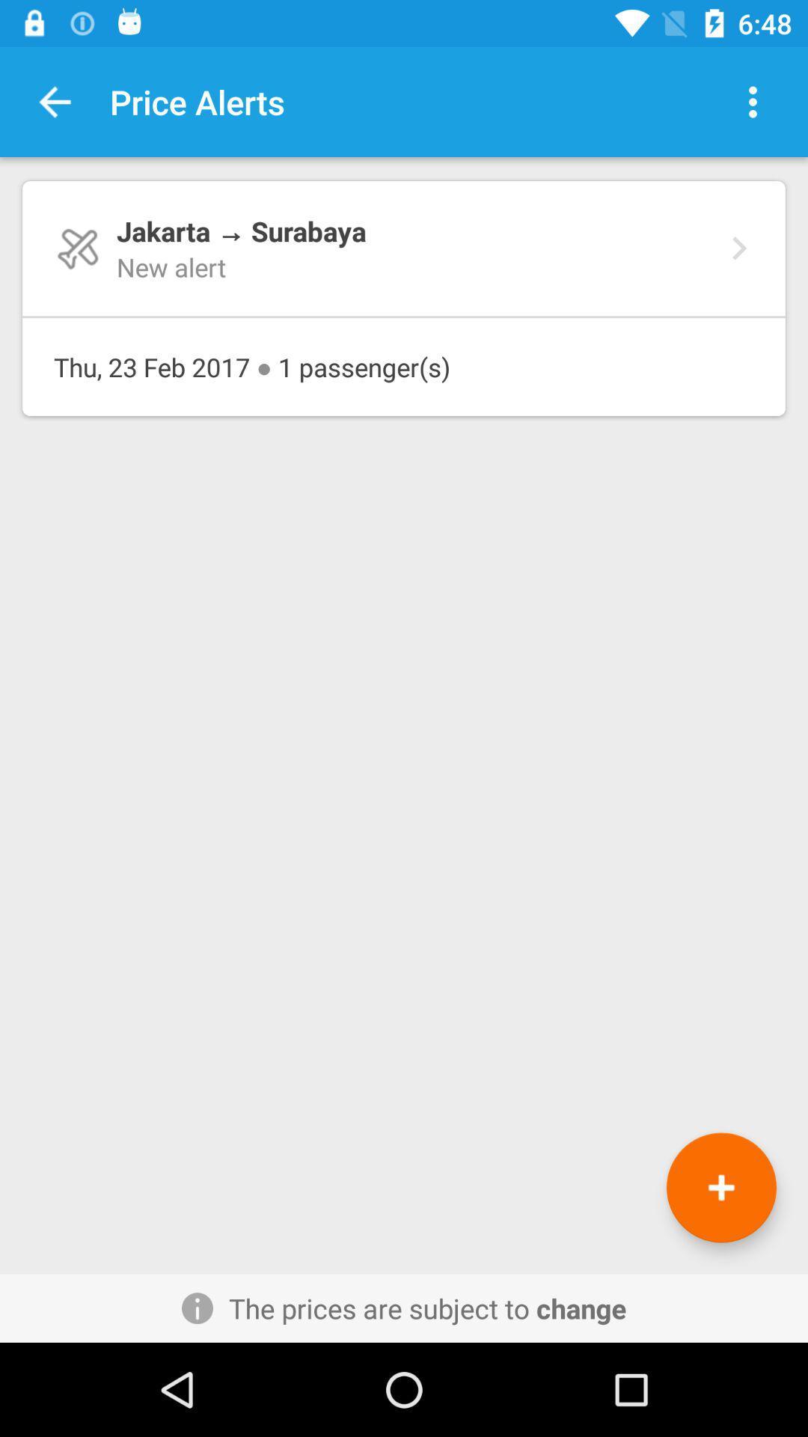 The width and height of the screenshot is (808, 1437). Describe the element at coordinates (720, 1187) in the screenshot. I see `the add icon` at that location.